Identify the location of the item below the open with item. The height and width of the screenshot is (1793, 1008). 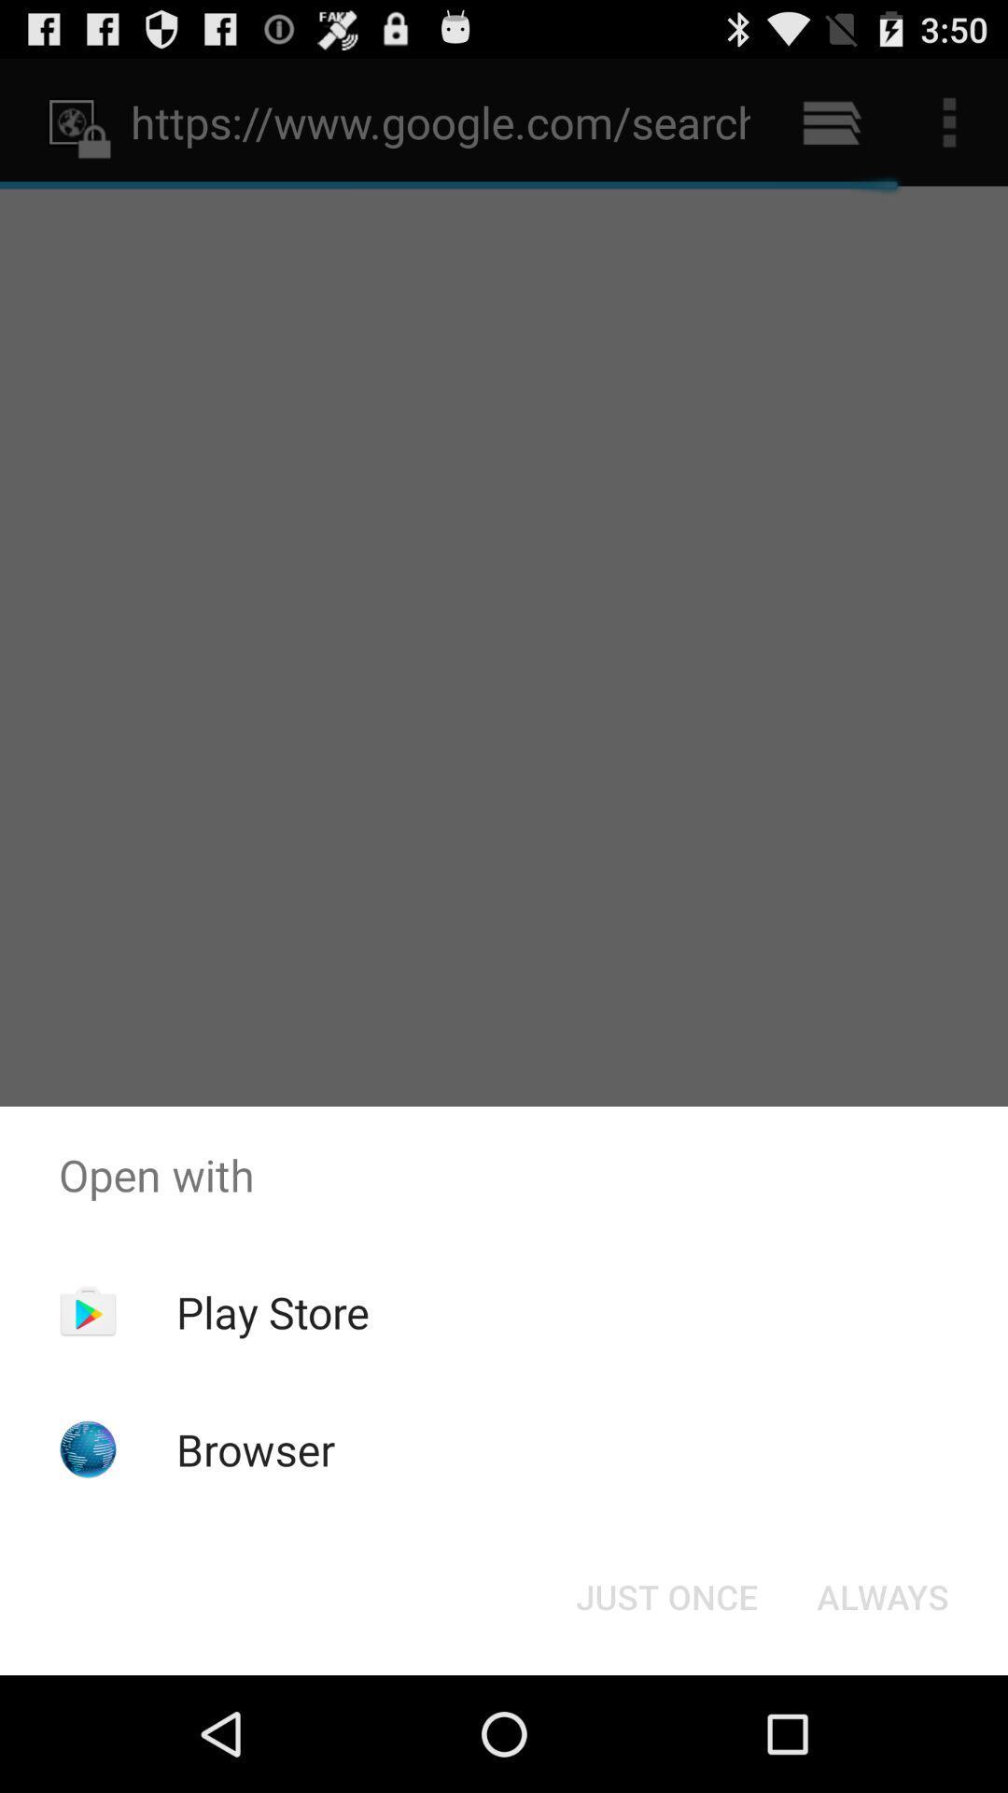
(665, 1595).